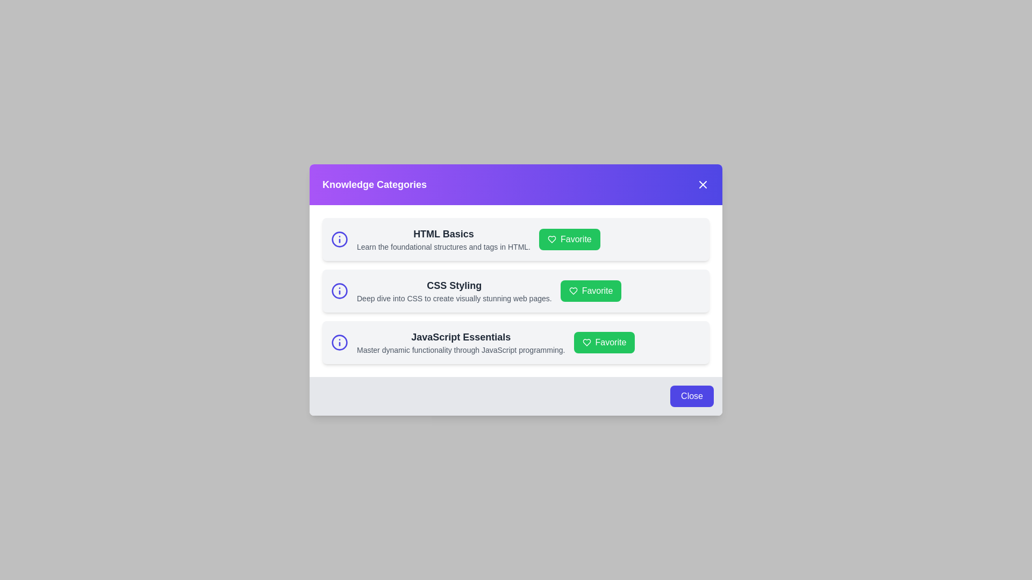  What do you see at coordinates (692, 396) in the screenshot?
I see `the 'Close' button located at the bottom-right corner of the modal dialog` at bounding box center [692, 396].